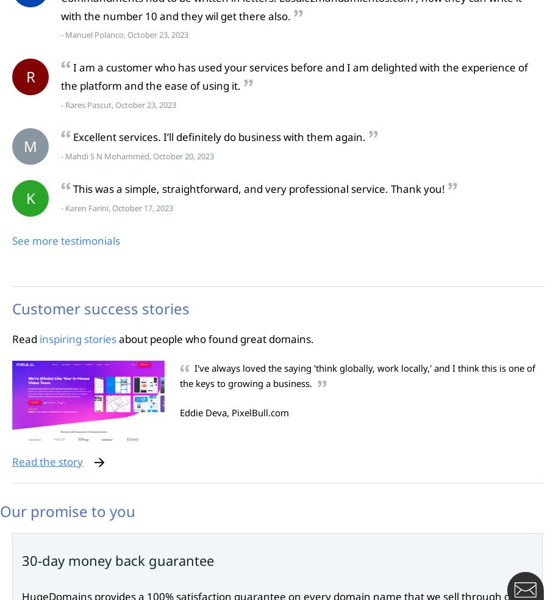  Describe the element at coordinates (179, 411) in the screenshot. I see `'Eddie Deva, PixelBull.com'` at that location.